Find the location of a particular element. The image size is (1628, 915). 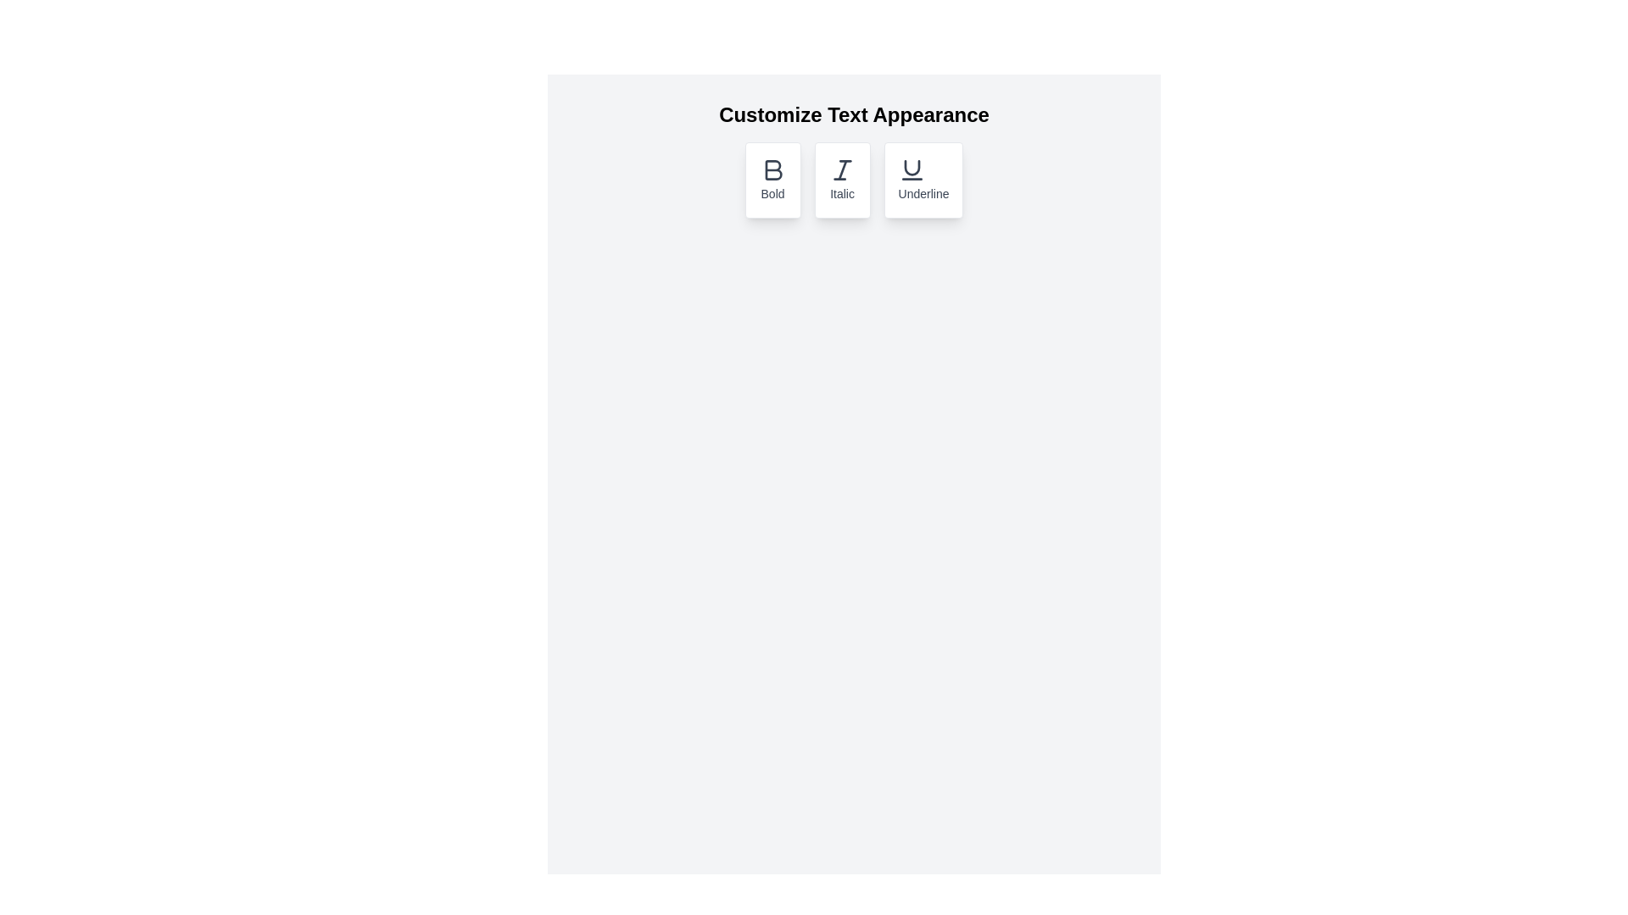

the underline button to toggle the underline formatting is located at coordinates (923, 180).